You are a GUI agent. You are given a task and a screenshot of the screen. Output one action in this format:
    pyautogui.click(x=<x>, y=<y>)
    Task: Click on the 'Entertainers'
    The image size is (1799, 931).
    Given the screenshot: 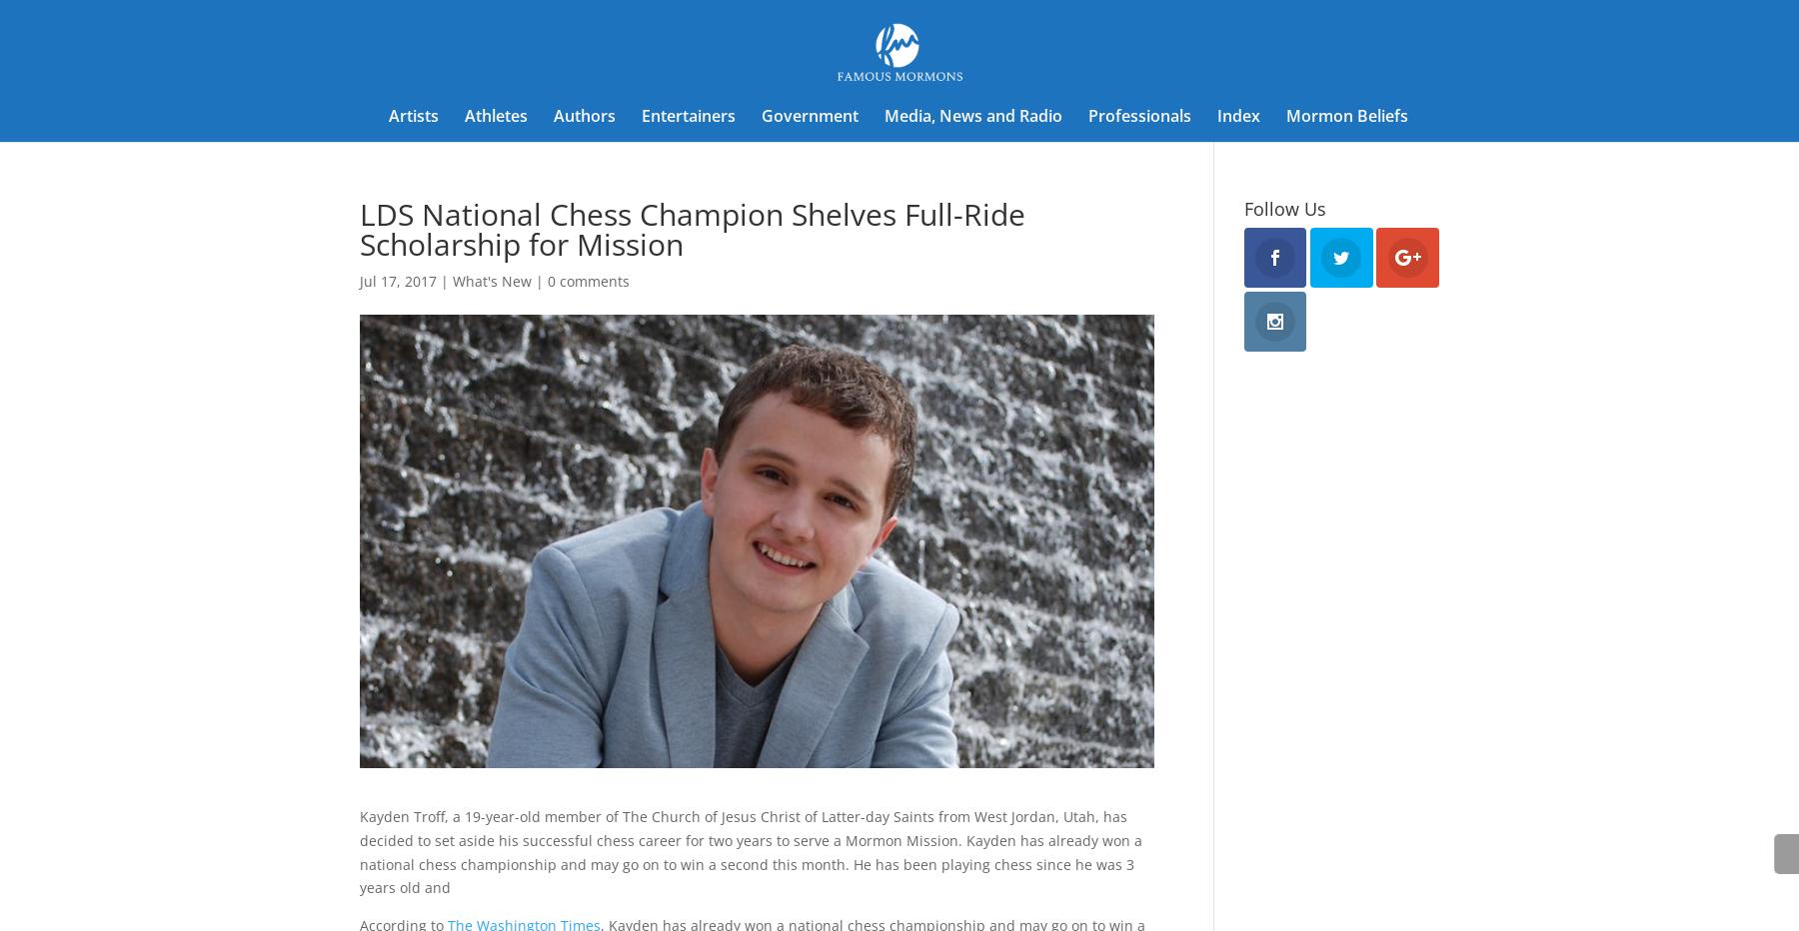 What is the action you would take?
    pyautogui.click(x=642, y=116)
    